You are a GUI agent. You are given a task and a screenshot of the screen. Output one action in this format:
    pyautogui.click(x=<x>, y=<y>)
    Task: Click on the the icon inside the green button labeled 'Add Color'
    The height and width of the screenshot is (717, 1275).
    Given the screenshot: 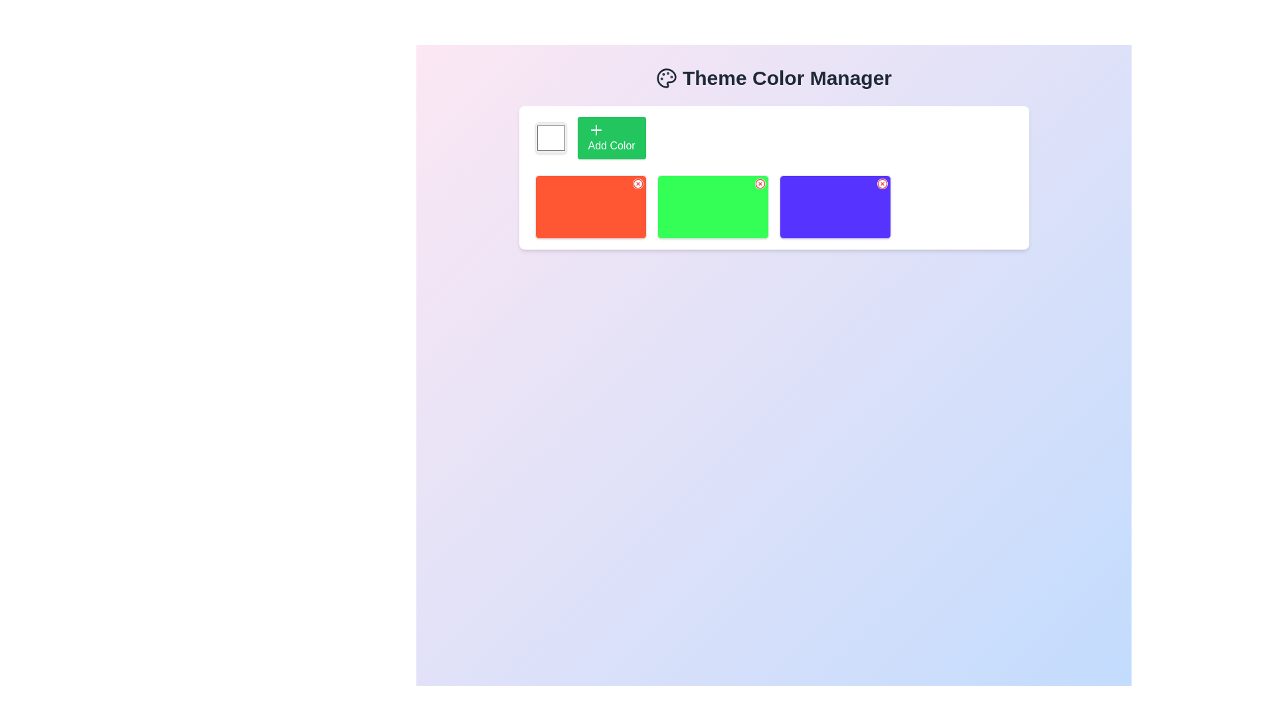 What is the action you would take?
    pyautogui.click(x=595, y=130)
    